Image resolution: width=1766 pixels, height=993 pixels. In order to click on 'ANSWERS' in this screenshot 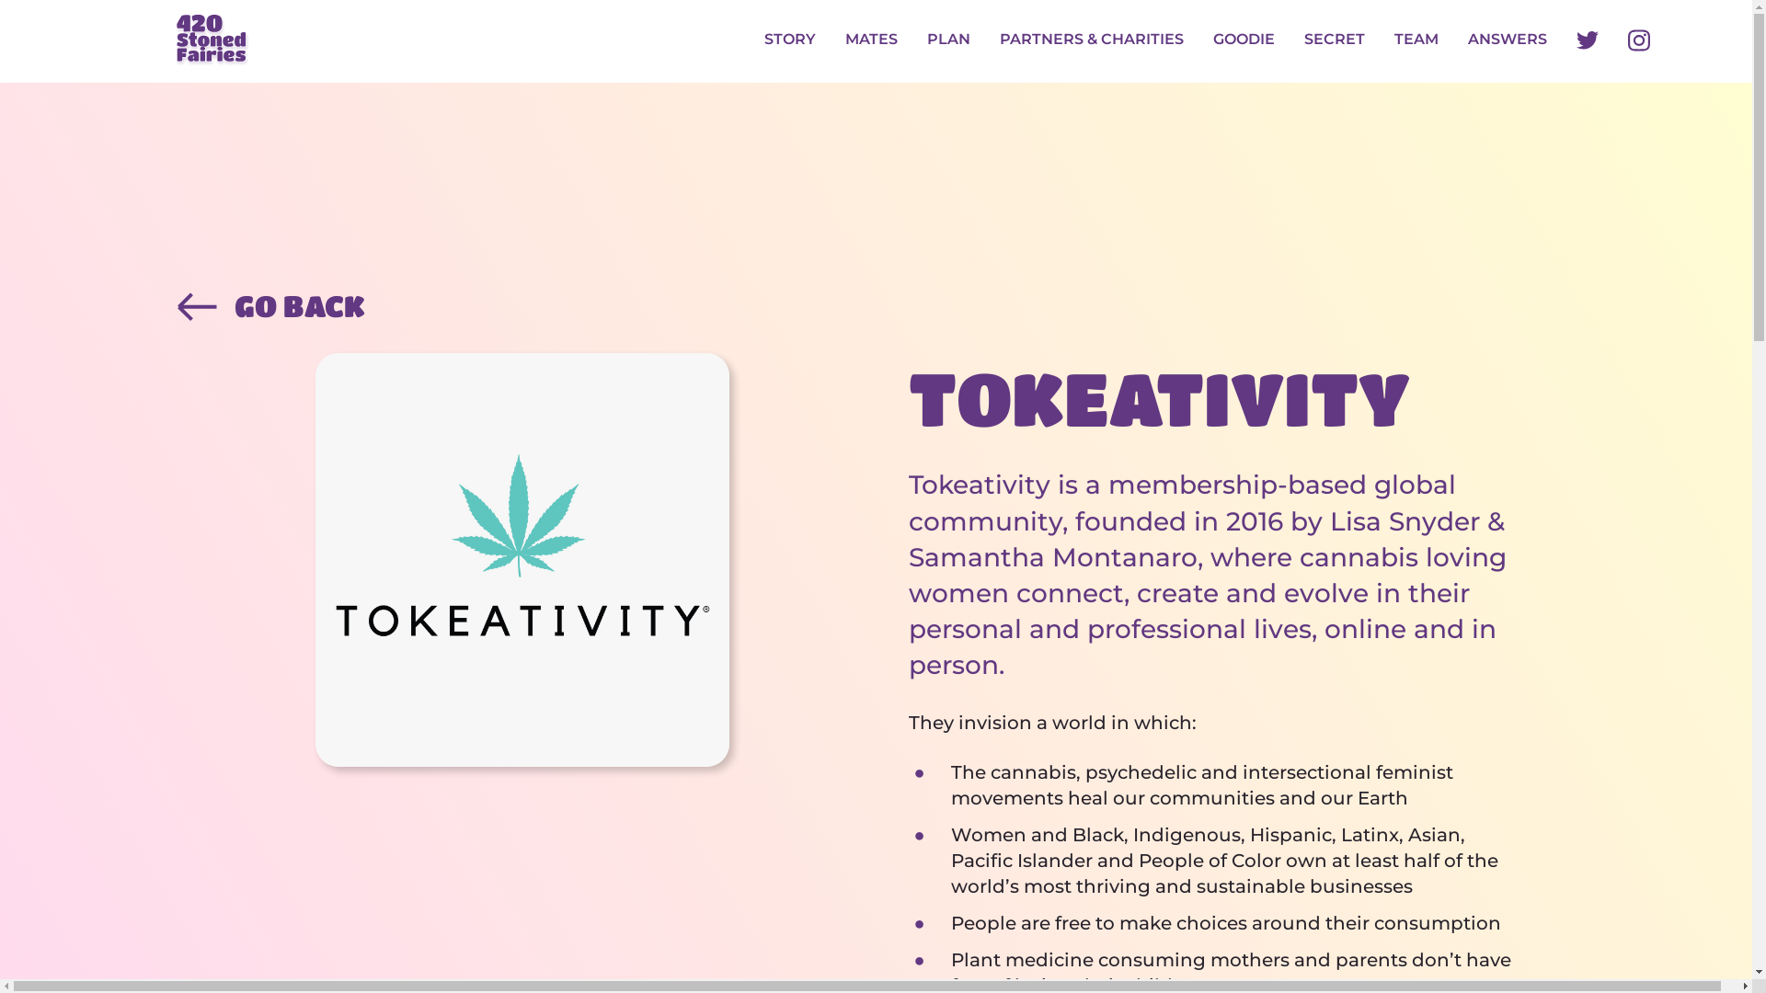, I will do `click(1507, 40)`.